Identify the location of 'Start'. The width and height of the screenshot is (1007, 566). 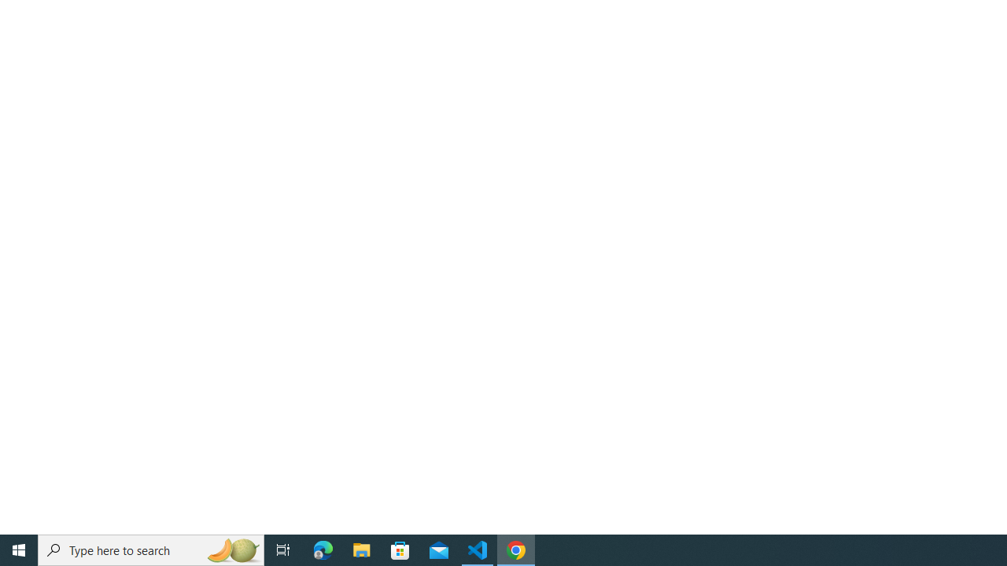
(19, 549).